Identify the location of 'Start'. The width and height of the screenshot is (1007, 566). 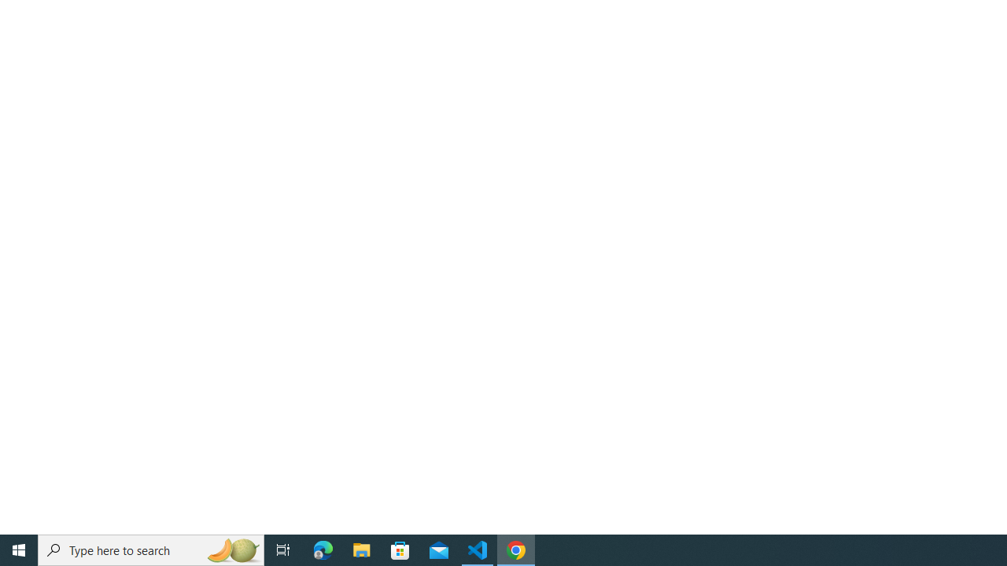
(19, 549).